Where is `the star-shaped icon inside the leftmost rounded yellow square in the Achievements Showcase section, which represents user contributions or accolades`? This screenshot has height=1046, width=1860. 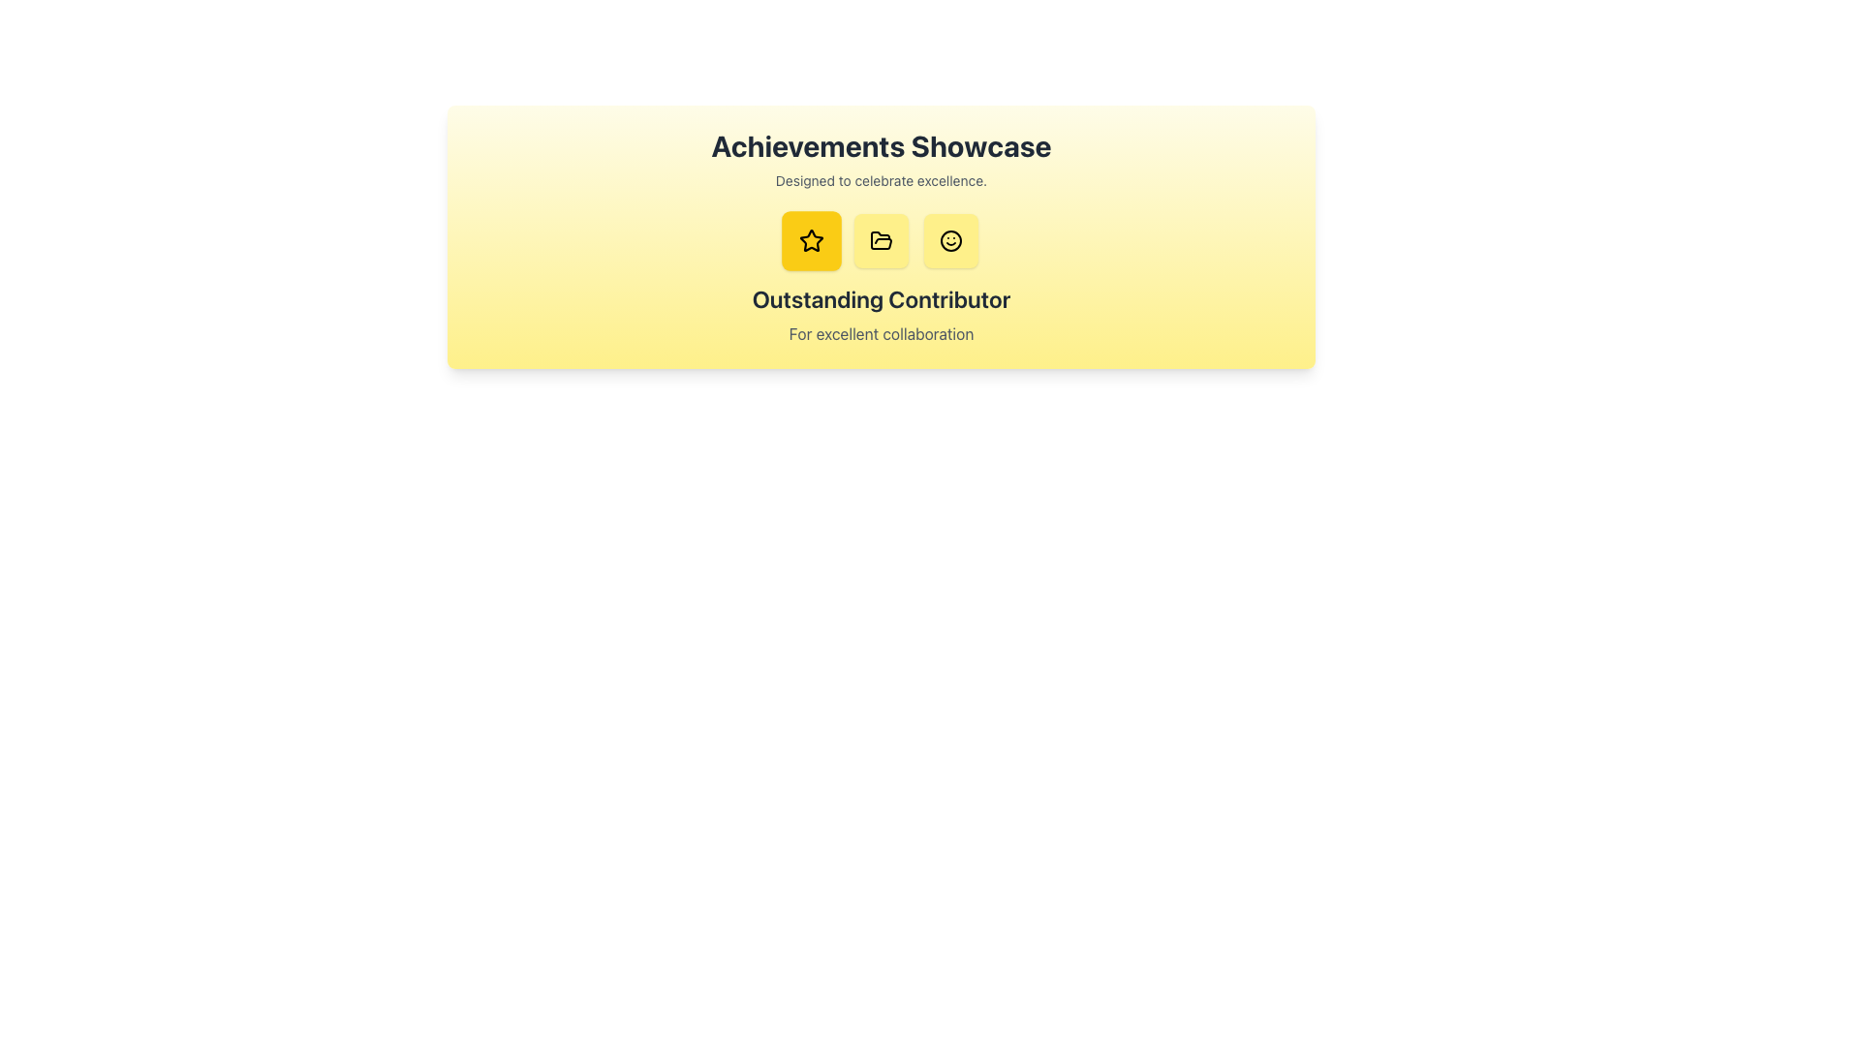
the star-shaped icon inside the leftmost rounded yellow square in the Achievements Showcase section, which represents user contributions or accolades is located at coordinates (812, 239).